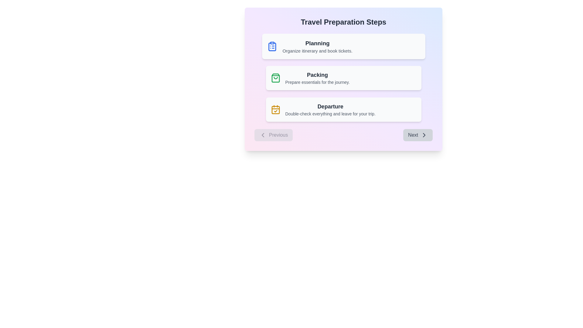 This screenshot has height=328, width=583. I want to click on the vector graphic element that forms the handles of the shopping bag icon in the 'Packing' step of the 'Travel Preparation Steps' layout, so click(275, 78).